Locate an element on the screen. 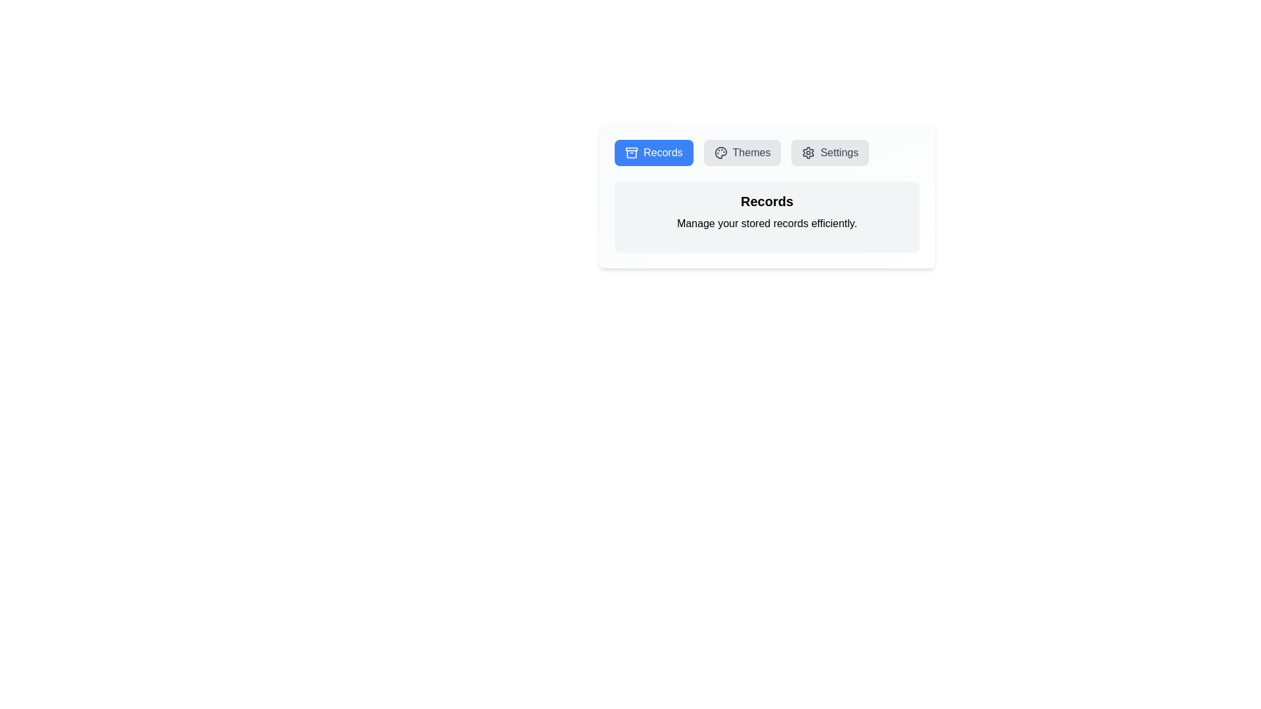 The image size is (1261, 709). the Records tab by clicking the corresponding button is located at coordinates (653, 152).